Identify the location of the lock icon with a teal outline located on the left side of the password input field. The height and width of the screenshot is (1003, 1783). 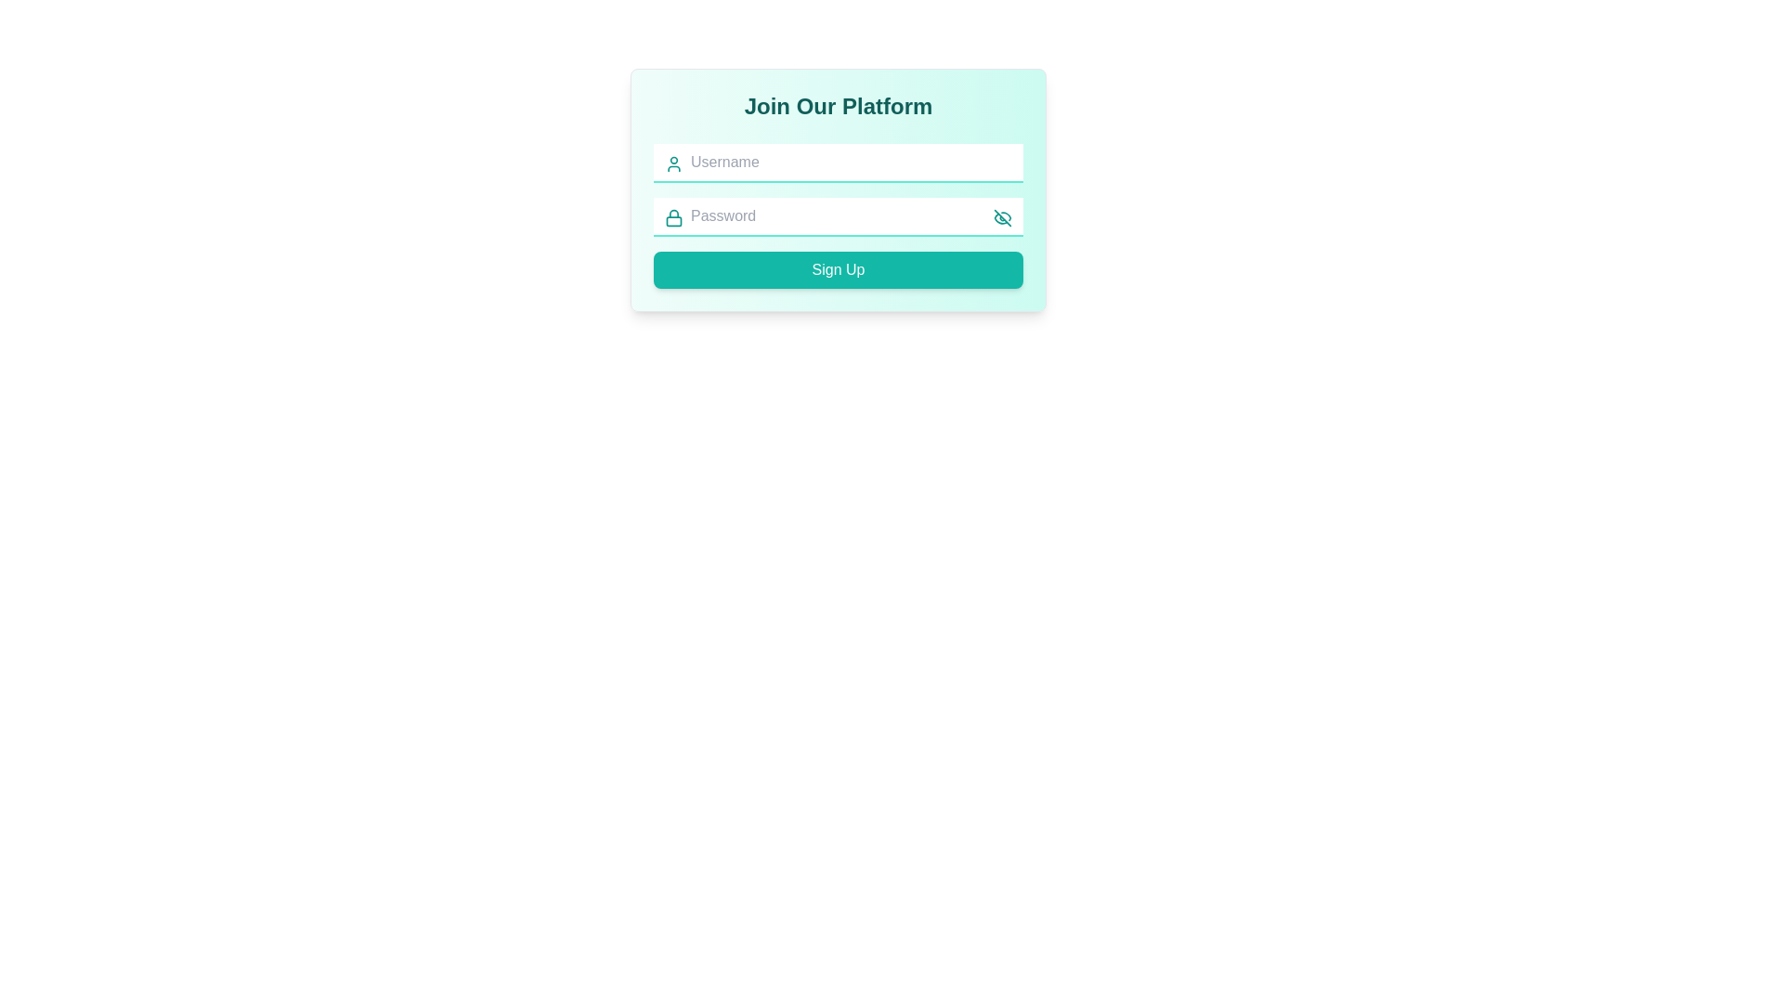
(672, 217).